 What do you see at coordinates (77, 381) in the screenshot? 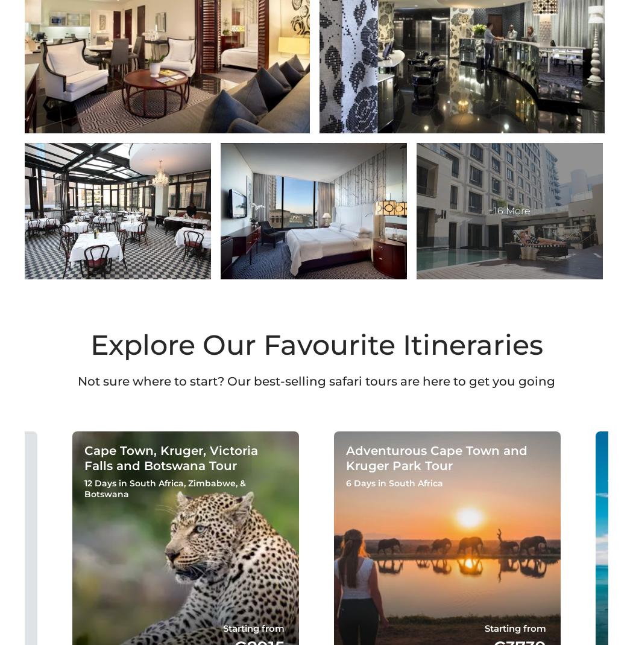
I see `'Not sure where to start? Our best-selling safari tours are here to get you going'` at bounding box center [77, 381].